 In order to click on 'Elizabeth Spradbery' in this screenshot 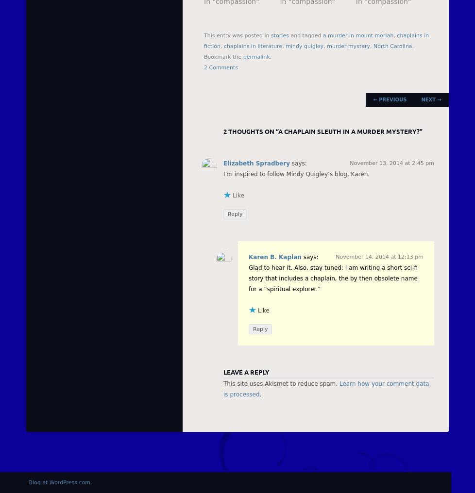, I will do `click(256, 164)`.